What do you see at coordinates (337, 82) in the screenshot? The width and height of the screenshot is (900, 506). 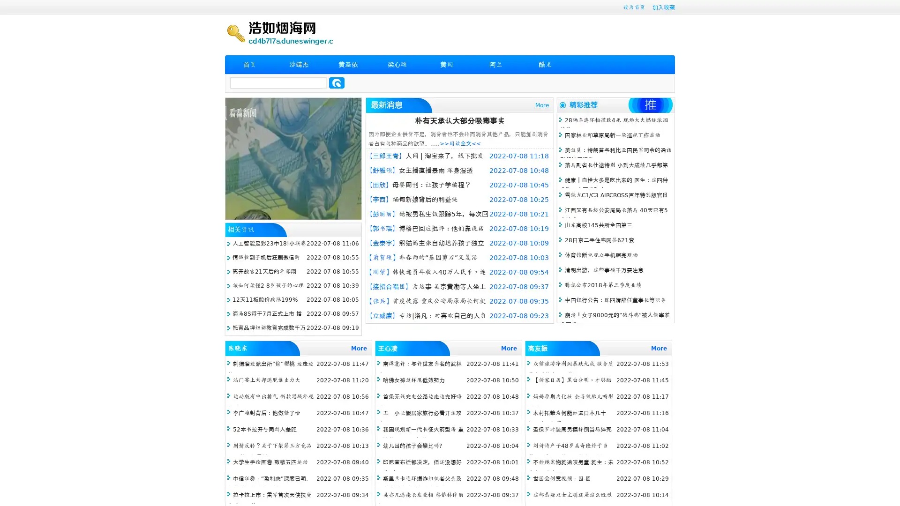 I see `Search` at bounding box center [337, 82].